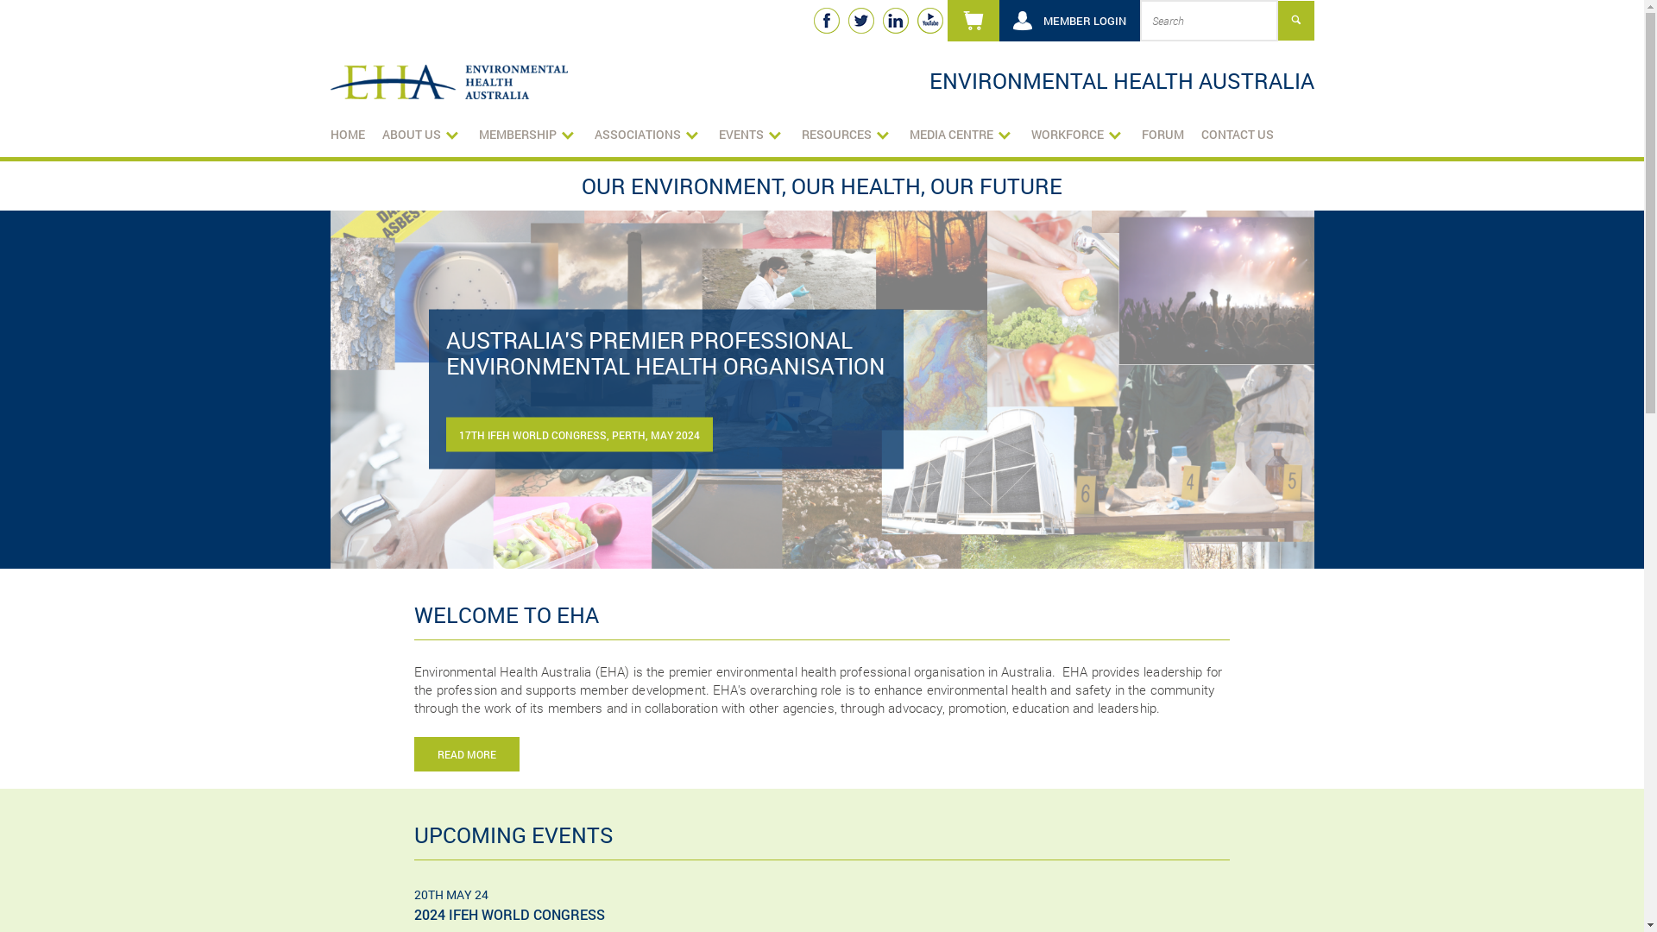 The height and width of the screenshot is (932, 1657). Describe the element at coordinates (1162, 133) in the screenshot. I see `'FORUM'` at that location.